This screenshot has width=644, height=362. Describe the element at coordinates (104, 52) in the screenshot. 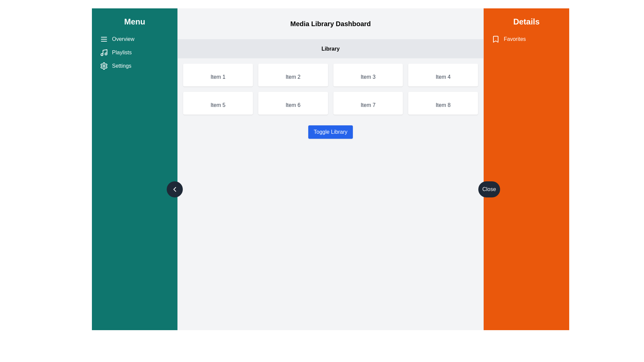

I see `the 'Playlists' icon` at that location.